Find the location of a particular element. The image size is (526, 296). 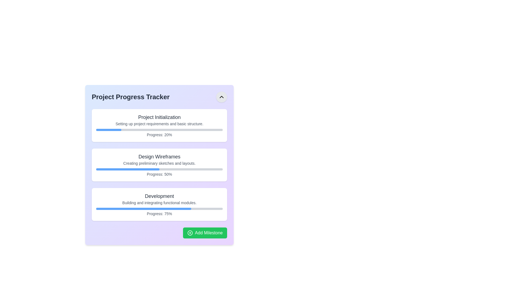

the static text label displaying 'Building and integrating functional modules.' which is located below the header 'Development' and above the progress bar is located at coordinates (159, 203).